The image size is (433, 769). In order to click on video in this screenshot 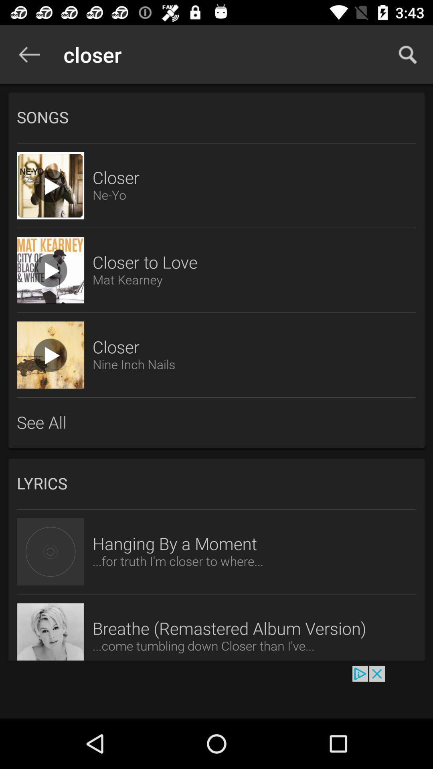, I will do `click(51, 270)`.